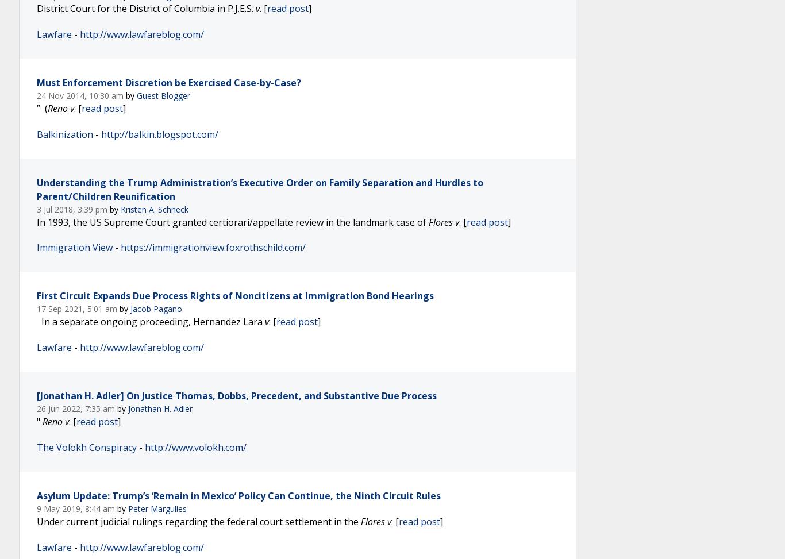 This screenshot has width=785, height=559. I want to click on 'District Court for the District of Columbia in P.J.E.S.', so click(37, 8).